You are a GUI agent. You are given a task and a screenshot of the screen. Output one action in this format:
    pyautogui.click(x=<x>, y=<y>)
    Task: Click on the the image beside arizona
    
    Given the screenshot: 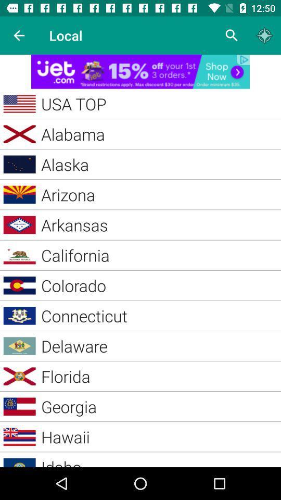 What is the action you would take?
    pyautogui.click(x=20, y=194)
    